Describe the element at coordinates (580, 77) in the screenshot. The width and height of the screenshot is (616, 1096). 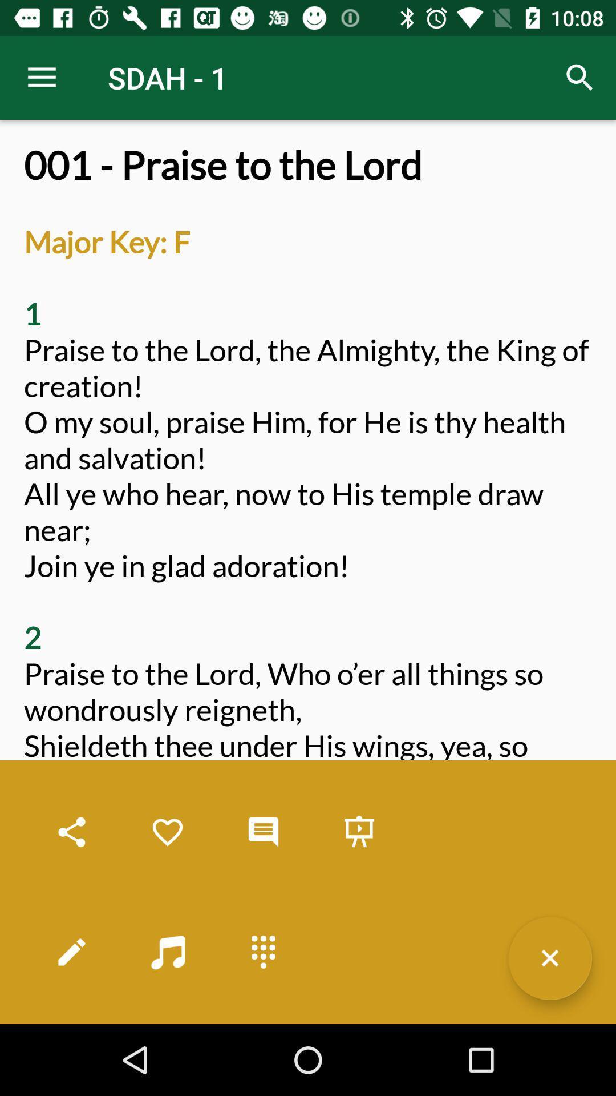
I see `item at the top right corner` at that location.